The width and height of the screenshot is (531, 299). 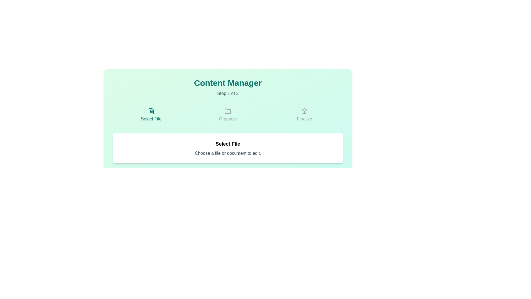 I want to click on the text label that reads 'Select File', which is styled with a teal font and indicates a file selection action, so click(x=151, y=115).